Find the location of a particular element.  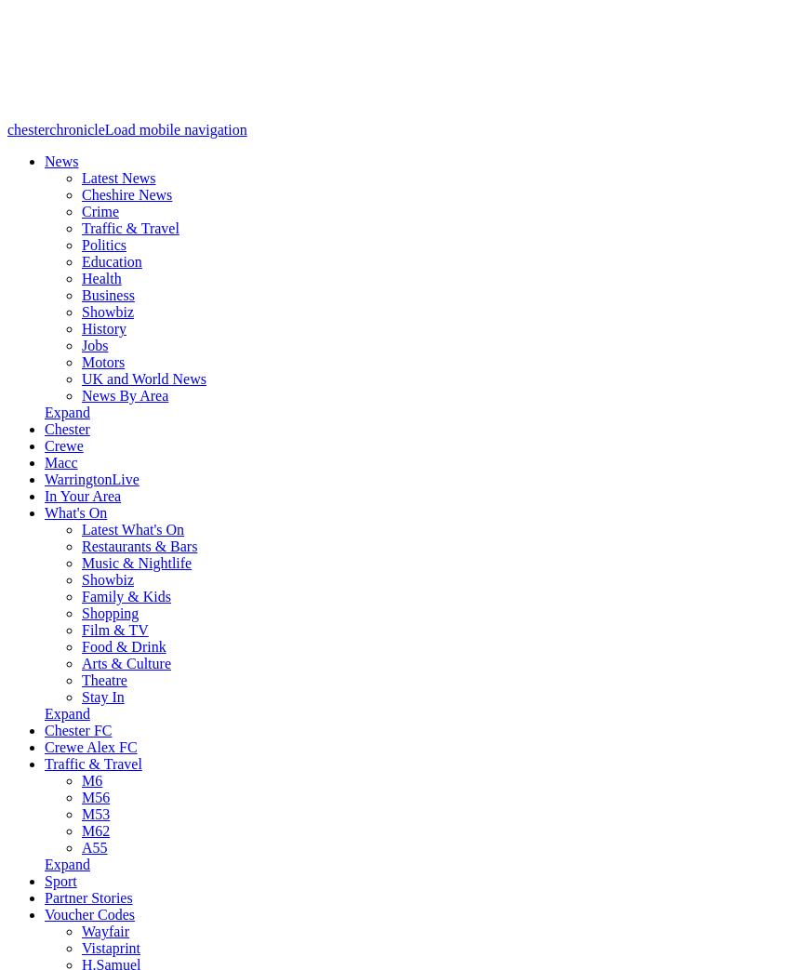

'Arts & Culture' is located at coordinates (125, 663).